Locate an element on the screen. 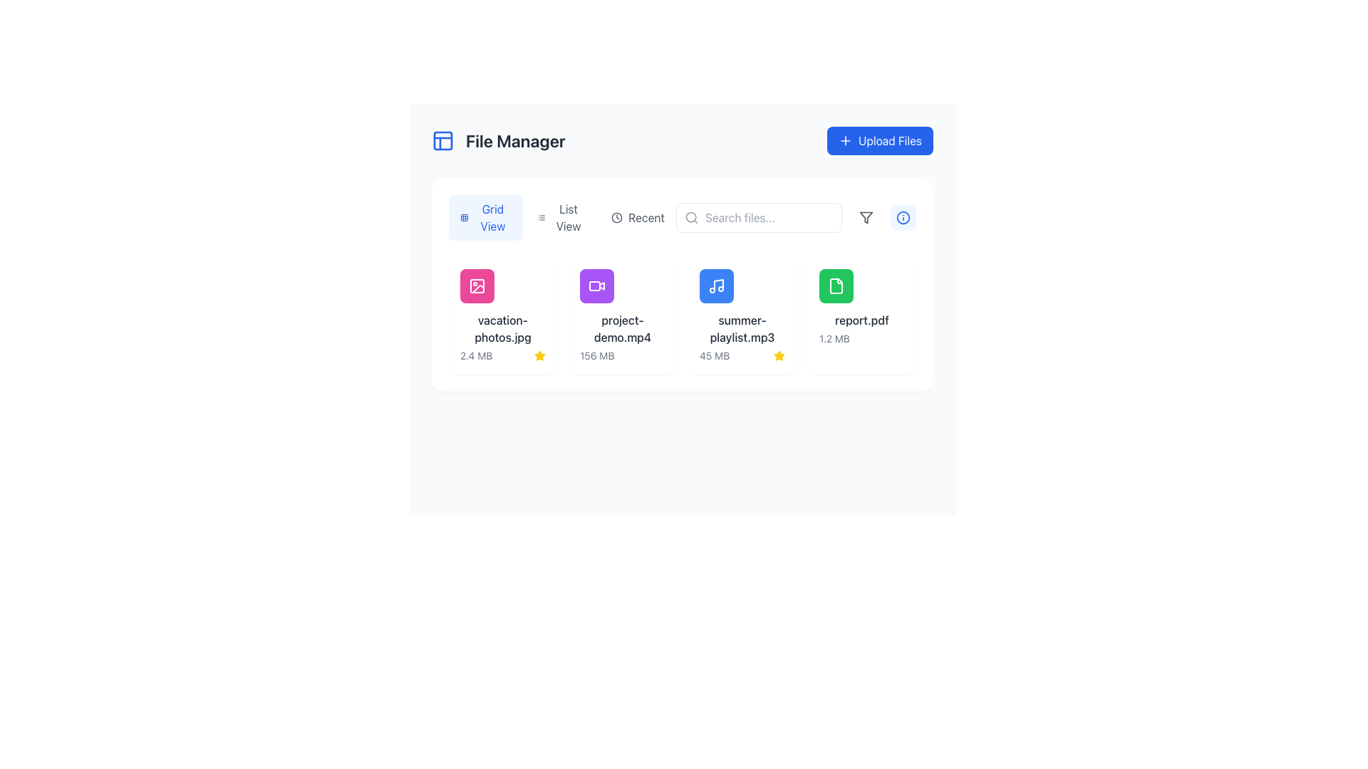 The height and width of the screenshot is (769, 1368). the 'Recent' button, which features a clock icon and dark gray text, to observe the hover effect is located at coordinates (637, 217).